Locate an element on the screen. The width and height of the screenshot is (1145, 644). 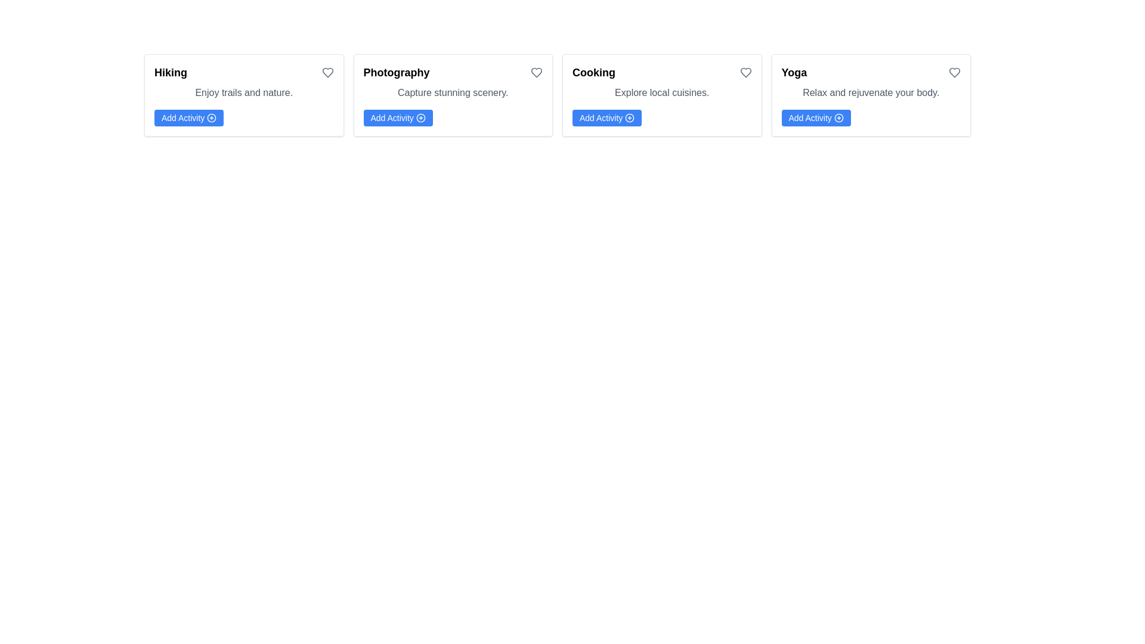
the circular '+' icon with a blue background and white border, which is part of the 'Add Activity' button in the 'Hiking' card section is located at coordinates (212, 117).